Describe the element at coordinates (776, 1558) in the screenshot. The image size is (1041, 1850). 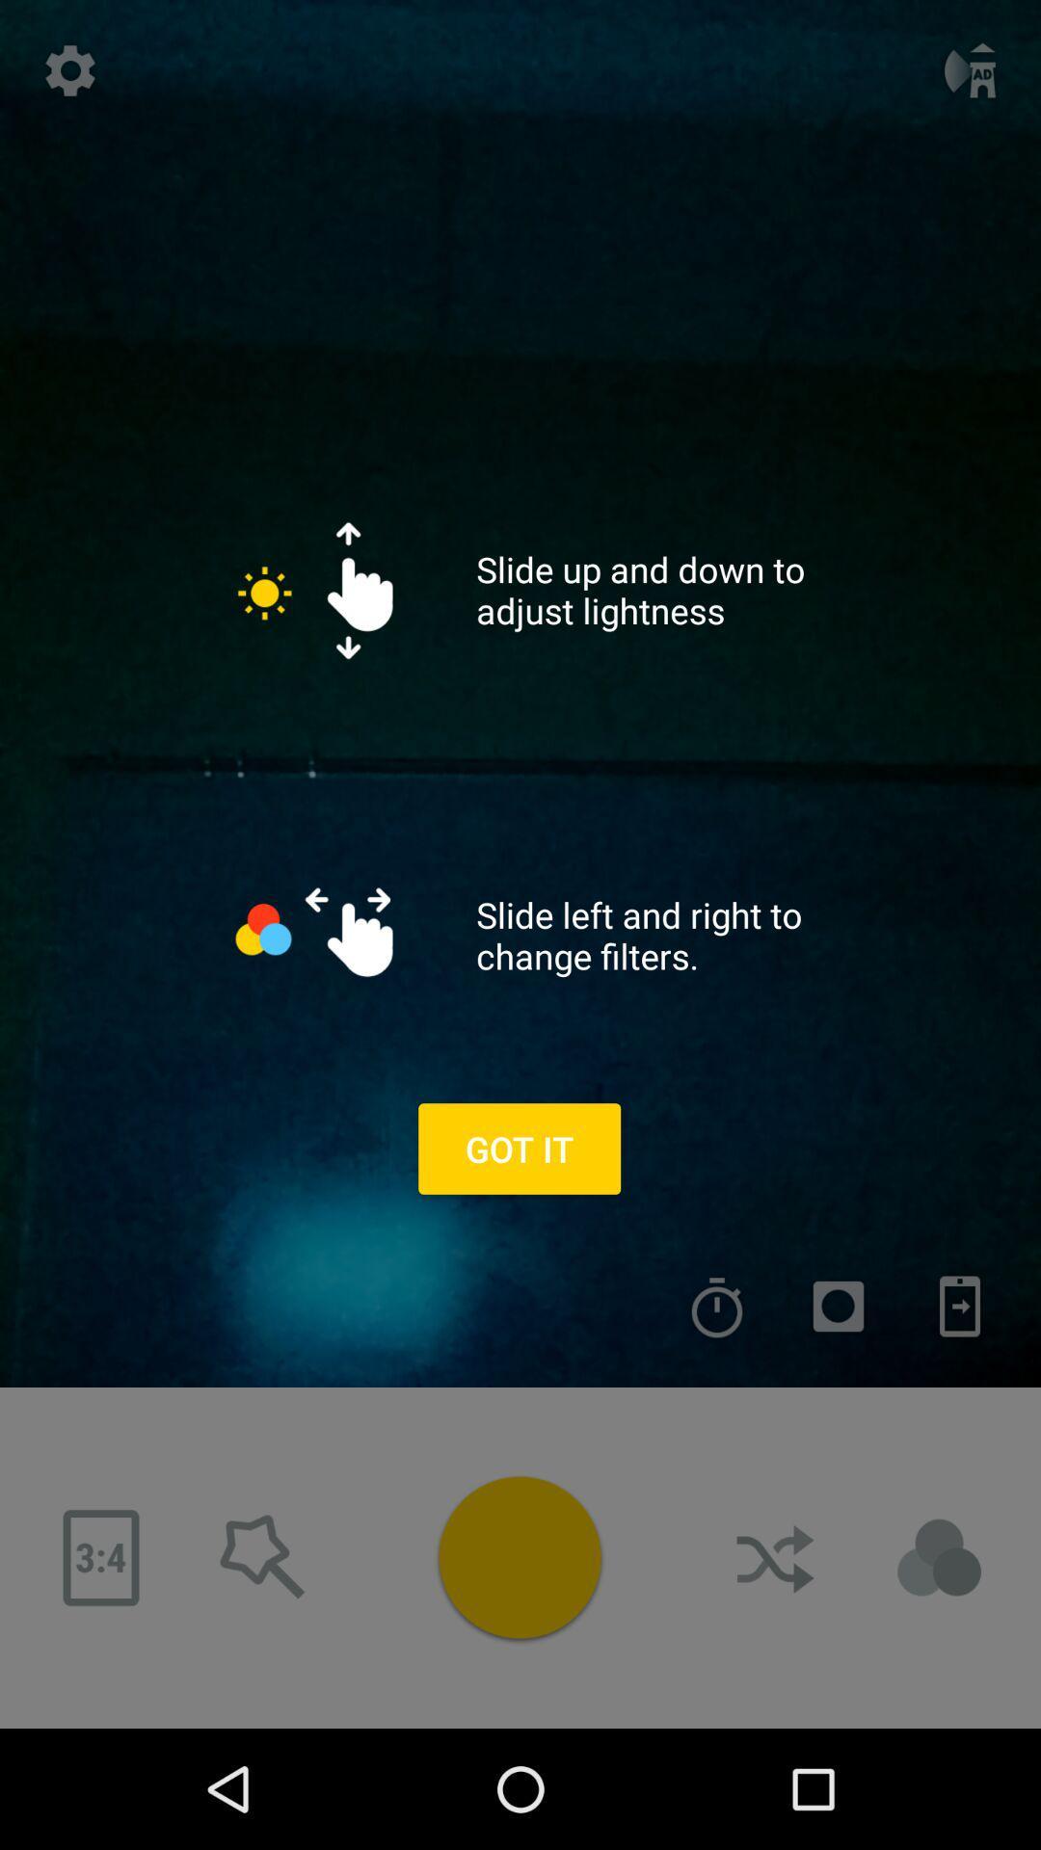
I see `forward button` at that location.